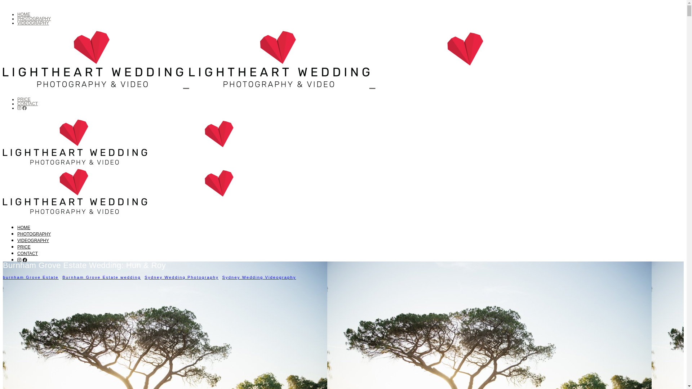 This screenshot has width=692, height=389. I want to click on 'HOME', so click(24, 14).